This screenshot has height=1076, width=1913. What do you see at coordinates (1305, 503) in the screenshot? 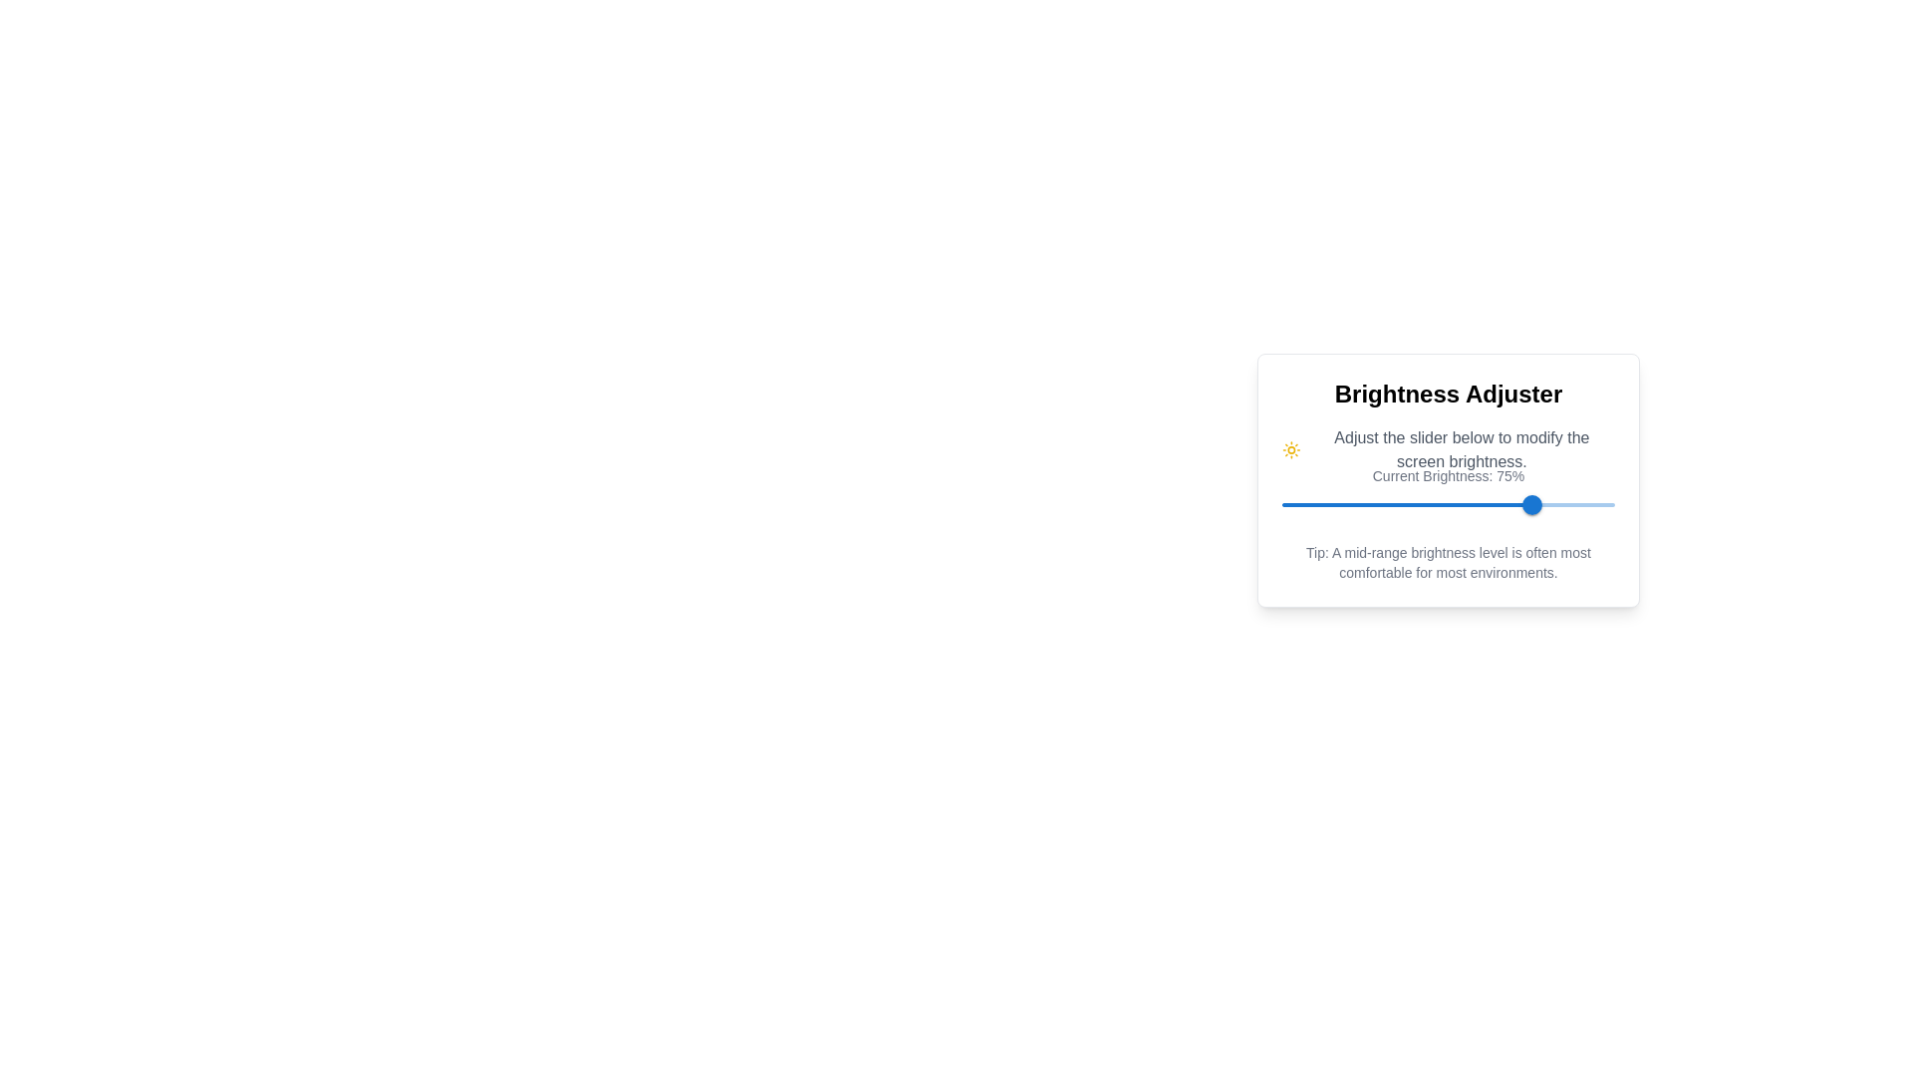
I see `the brightness` at bounding box center [1305, 503].